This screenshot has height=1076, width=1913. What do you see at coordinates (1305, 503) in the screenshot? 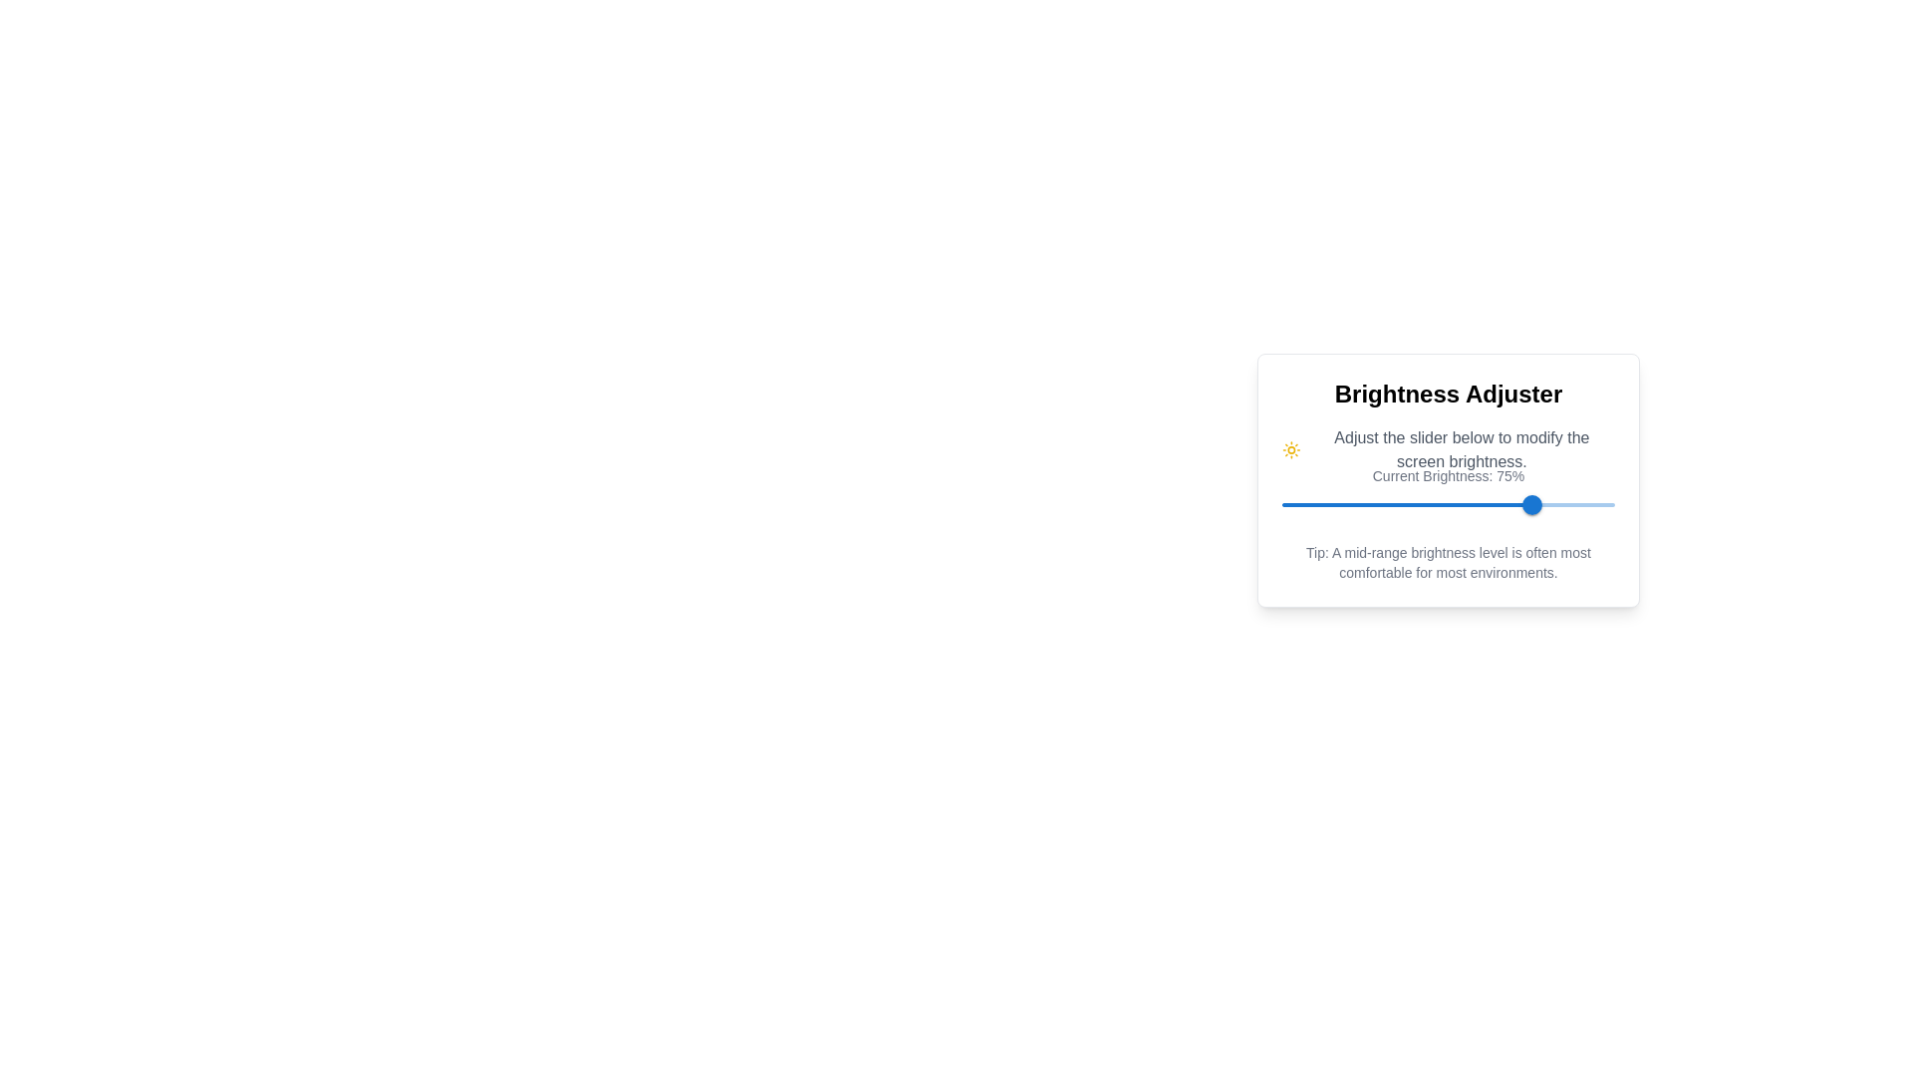
I see `the brightness` at bounding box center [1305, 503].